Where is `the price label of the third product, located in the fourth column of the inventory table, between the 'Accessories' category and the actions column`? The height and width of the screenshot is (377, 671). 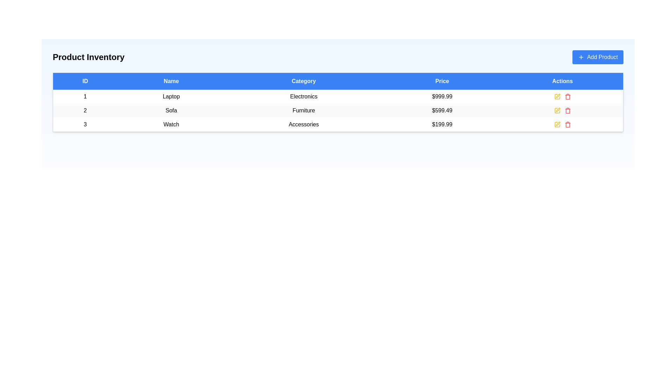 the price label of the third product, located in the fourth column of the inventory table, between the 'Accessories' category and the actions column is located at coordinates (442, 124).